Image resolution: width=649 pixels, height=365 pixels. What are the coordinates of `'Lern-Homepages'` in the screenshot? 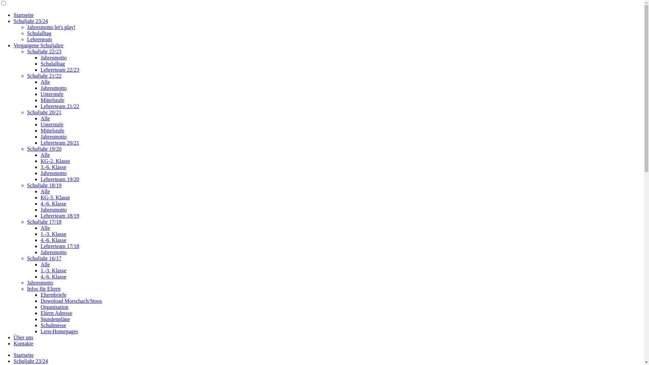 It's located at (59, 331).